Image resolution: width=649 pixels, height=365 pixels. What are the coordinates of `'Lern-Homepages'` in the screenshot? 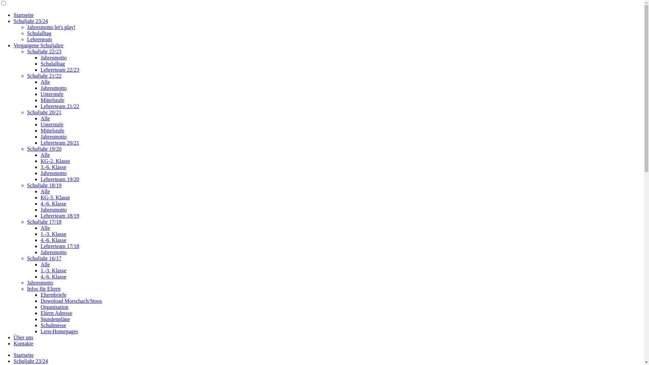 It's located at (59, 331).